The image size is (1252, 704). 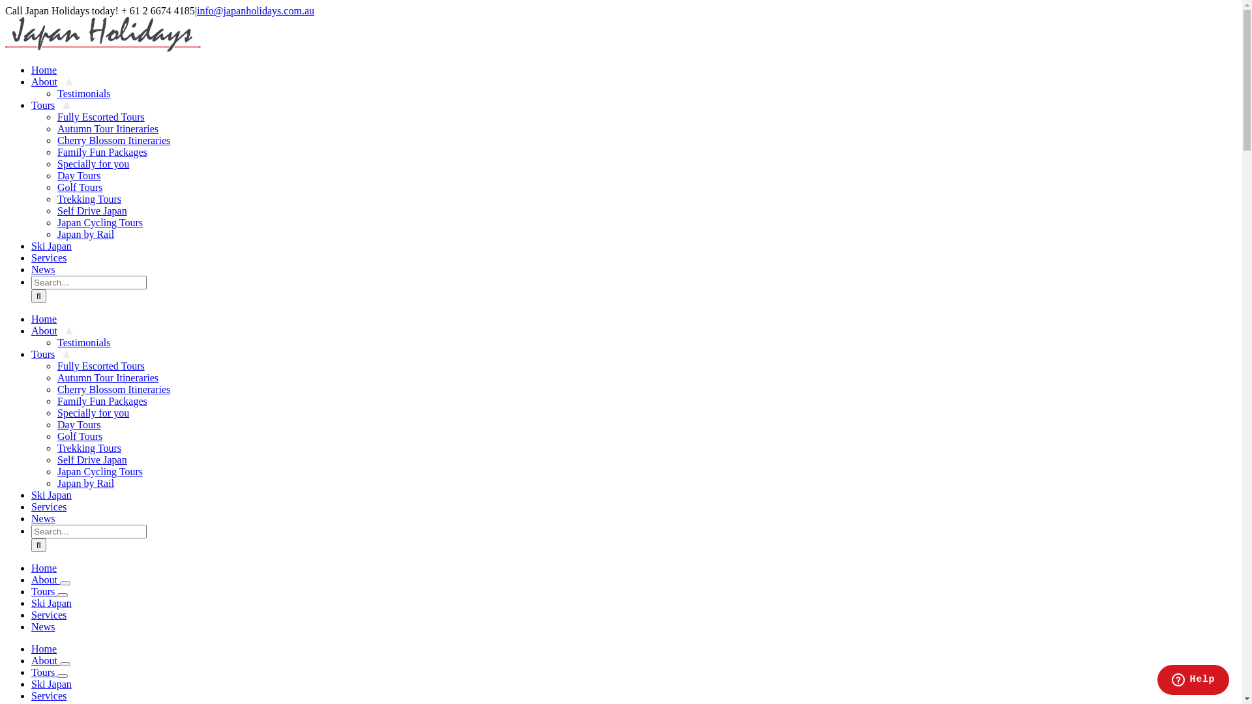 I want to click on 'Fully Escorted Tours', so click(x=100, y=366).